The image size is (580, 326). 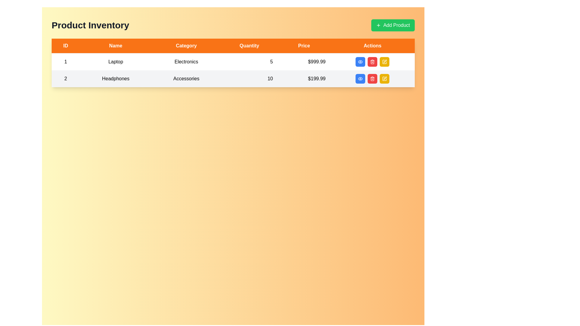 What do you see at coordinates (360, 62) in the screenshot?
I see `the Icon button located in the 'Actions' column of the second row in the table, which serves as a 'view' button for the 'Headphones' product` at bounding box center [360, 62].